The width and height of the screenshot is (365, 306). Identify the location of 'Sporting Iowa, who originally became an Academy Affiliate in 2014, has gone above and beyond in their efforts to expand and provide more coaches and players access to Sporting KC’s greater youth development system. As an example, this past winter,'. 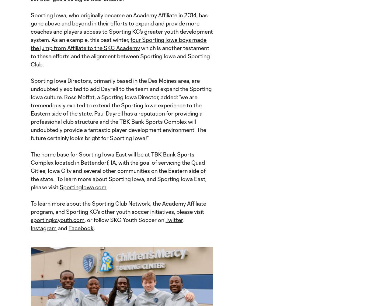
(122, 27).